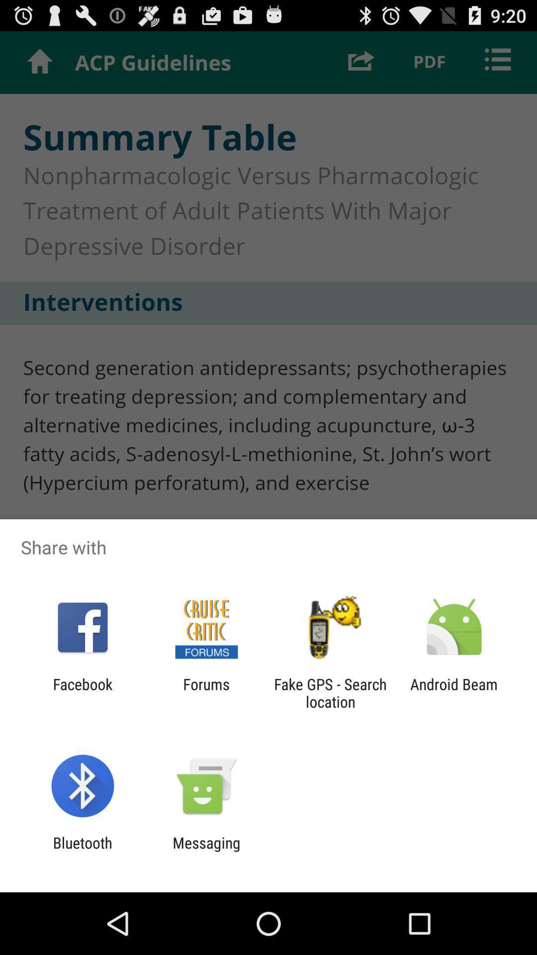 This screenshot has height=955, width=537. What do you see at coordinates (206, 851) in the screenshot?
I see `the icon to the right of the bluetooth` at bounding box center [206, 851].